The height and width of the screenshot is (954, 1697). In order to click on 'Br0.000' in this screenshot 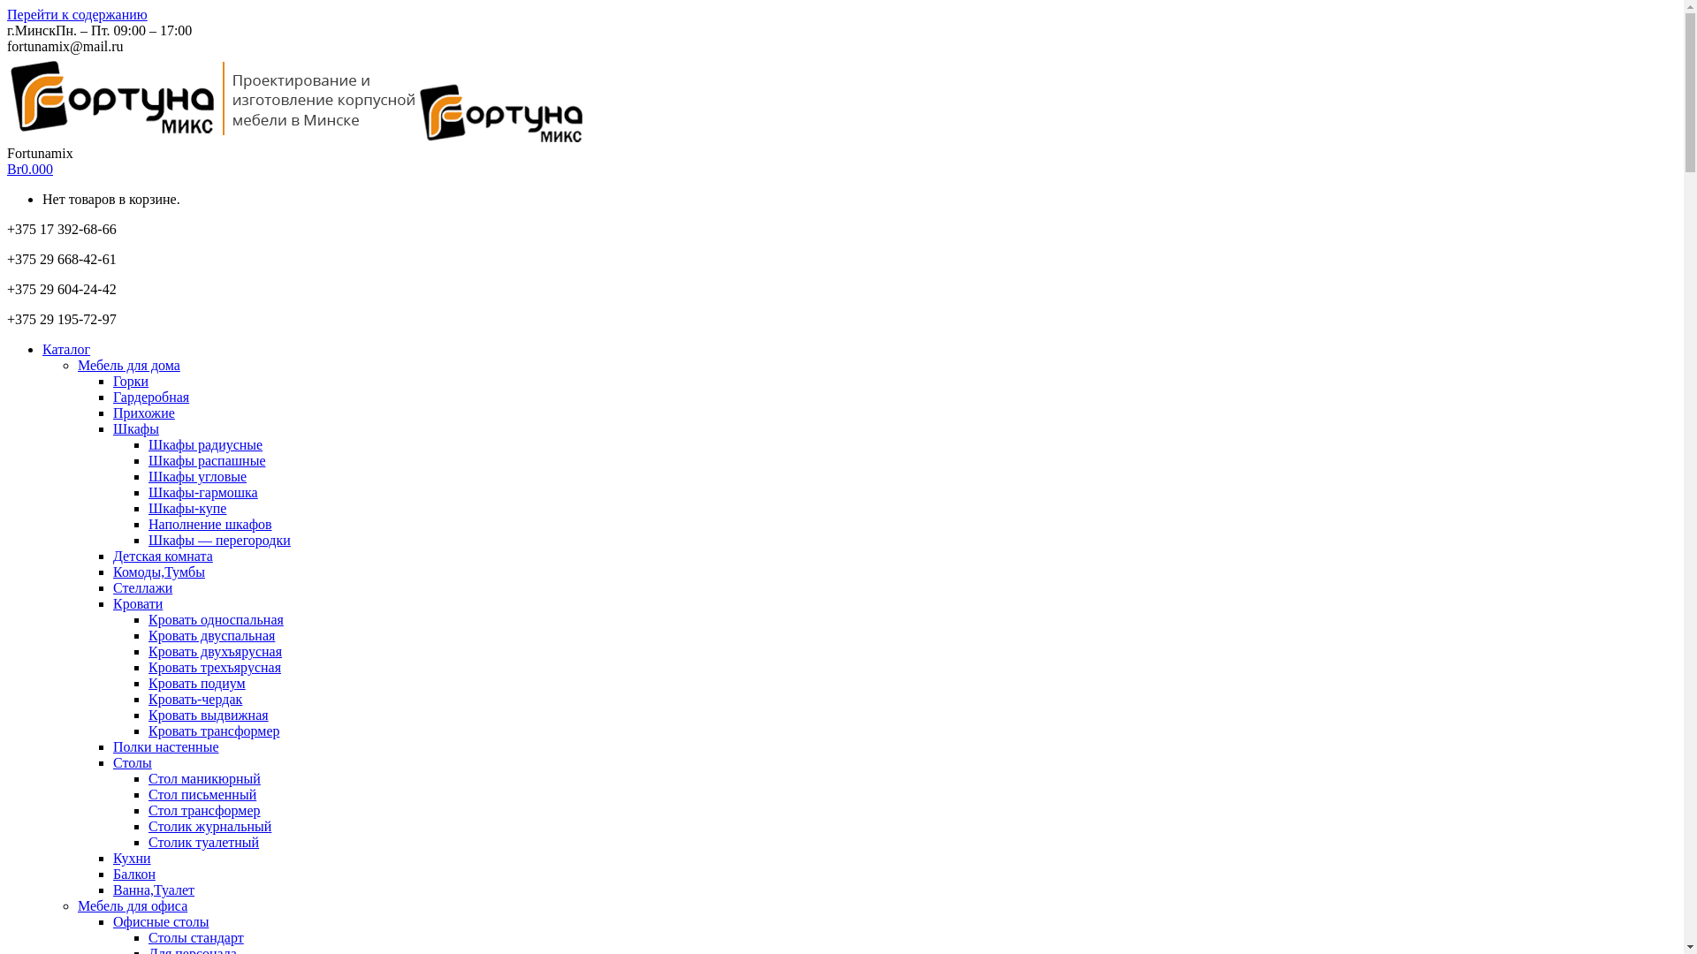, I will do `click(29, 169)`.